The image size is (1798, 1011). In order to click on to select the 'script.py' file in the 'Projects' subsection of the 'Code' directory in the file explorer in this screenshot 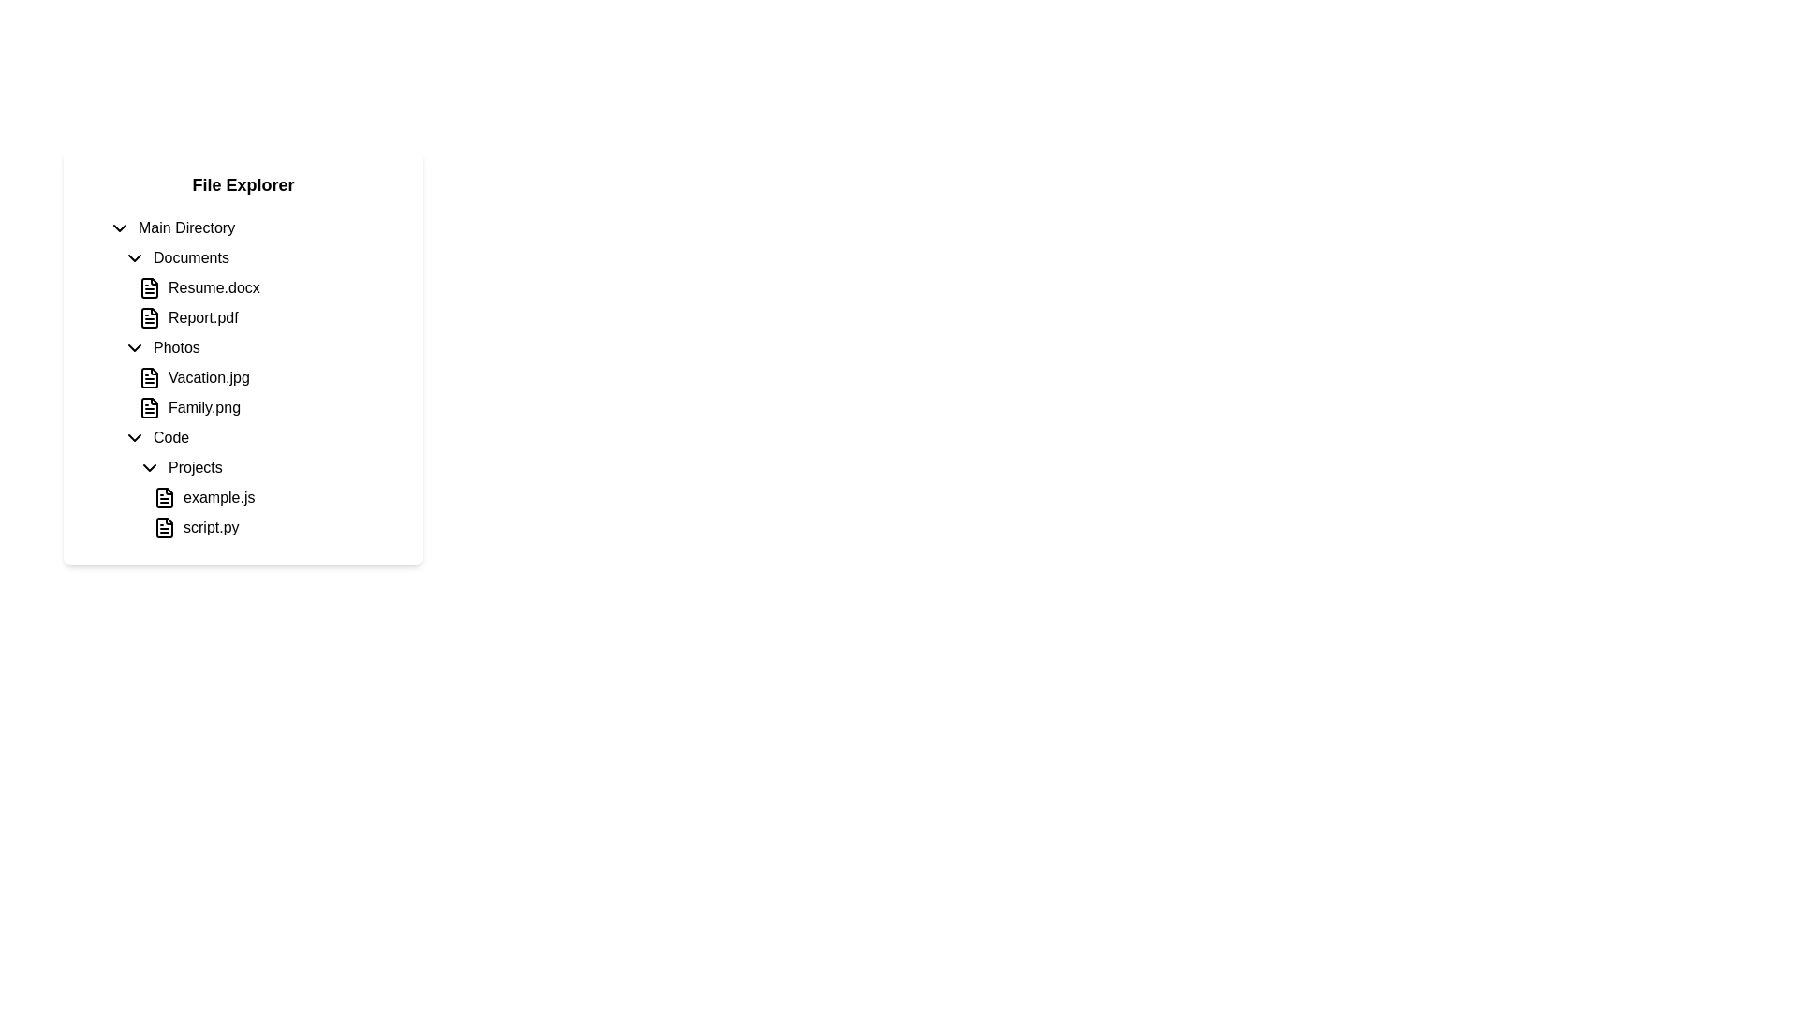, I will do `click(273, 527)`.